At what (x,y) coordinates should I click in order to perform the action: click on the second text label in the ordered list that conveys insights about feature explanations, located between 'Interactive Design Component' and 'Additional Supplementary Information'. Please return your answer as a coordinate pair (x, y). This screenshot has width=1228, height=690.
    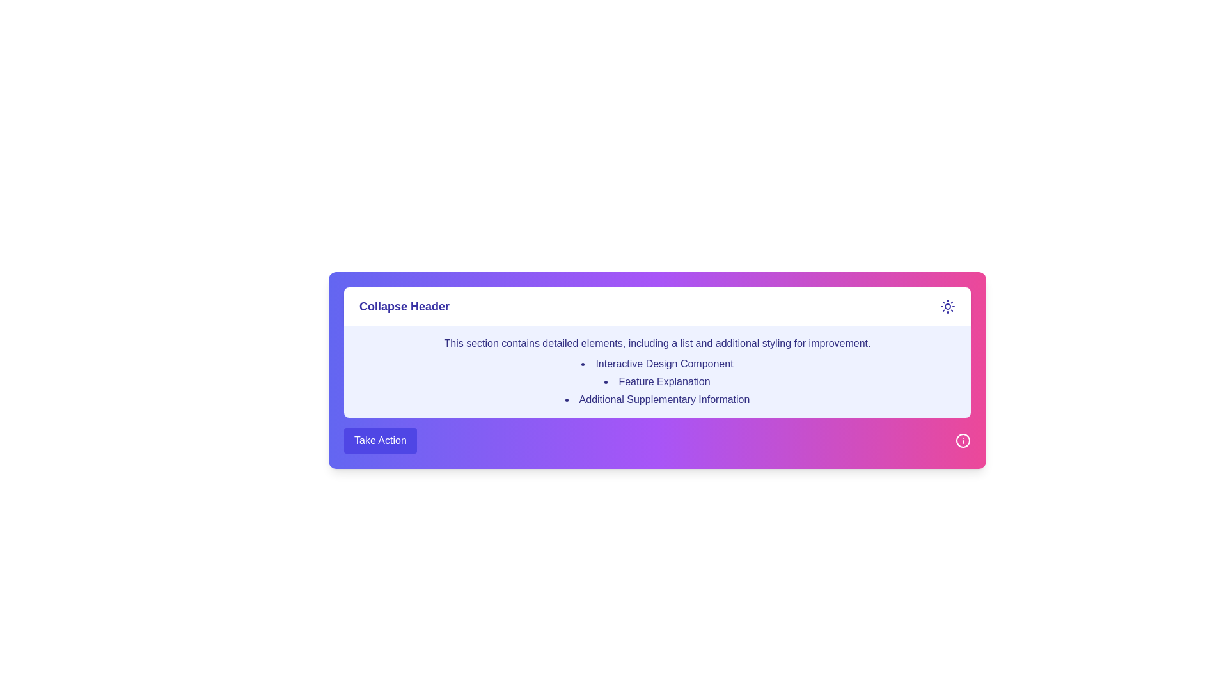
    Looking at the image, I should click on (657, 381).